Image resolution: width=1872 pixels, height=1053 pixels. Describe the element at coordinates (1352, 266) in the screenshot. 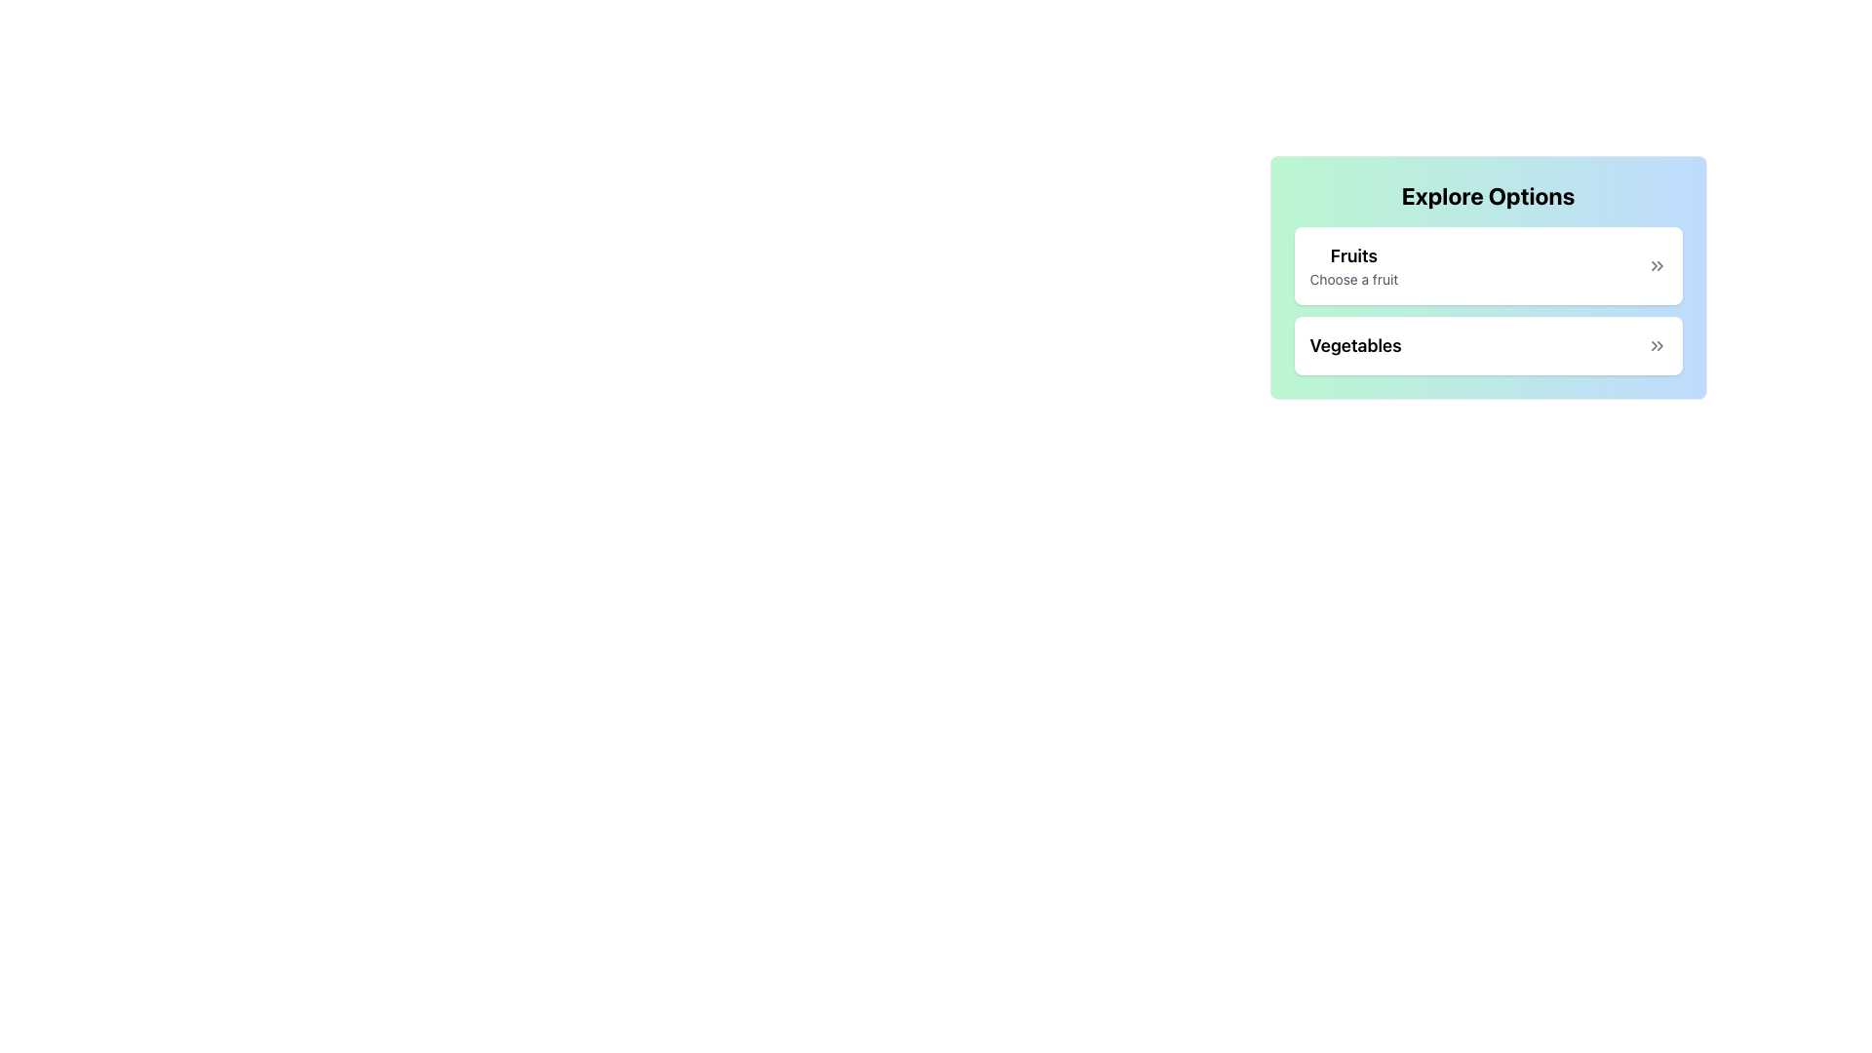

I see `text content of the labeled option for fruits, located within the 'Explore Options' panel above the 'Vegetables' card, which includes an arrow icon on the right` at that location.